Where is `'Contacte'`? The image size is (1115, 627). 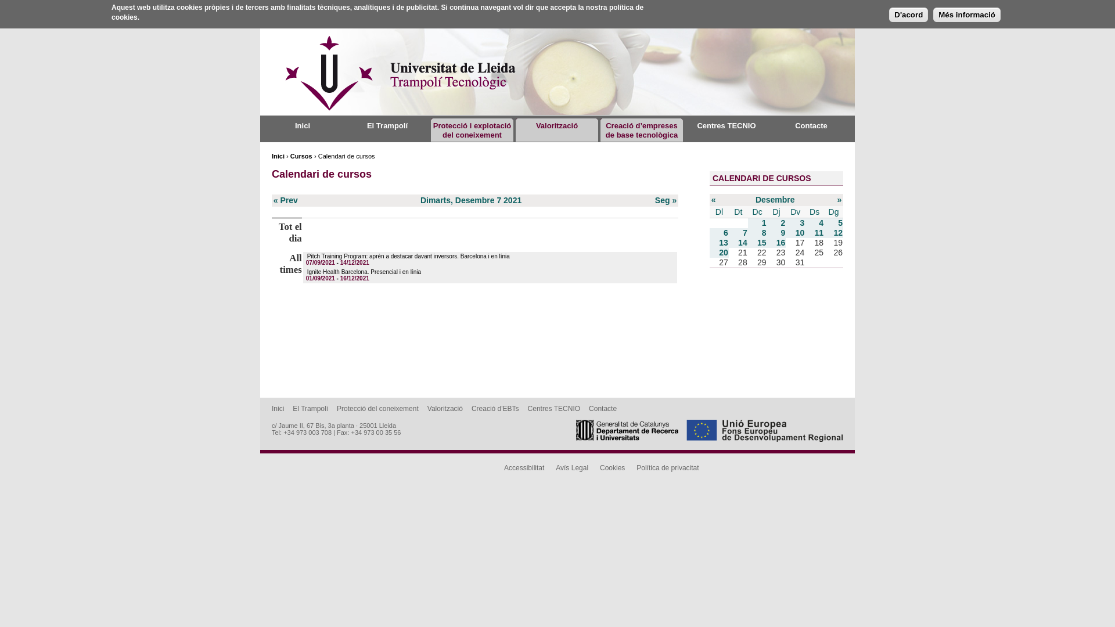 'Contacte' is located at coordinates (602, 408).